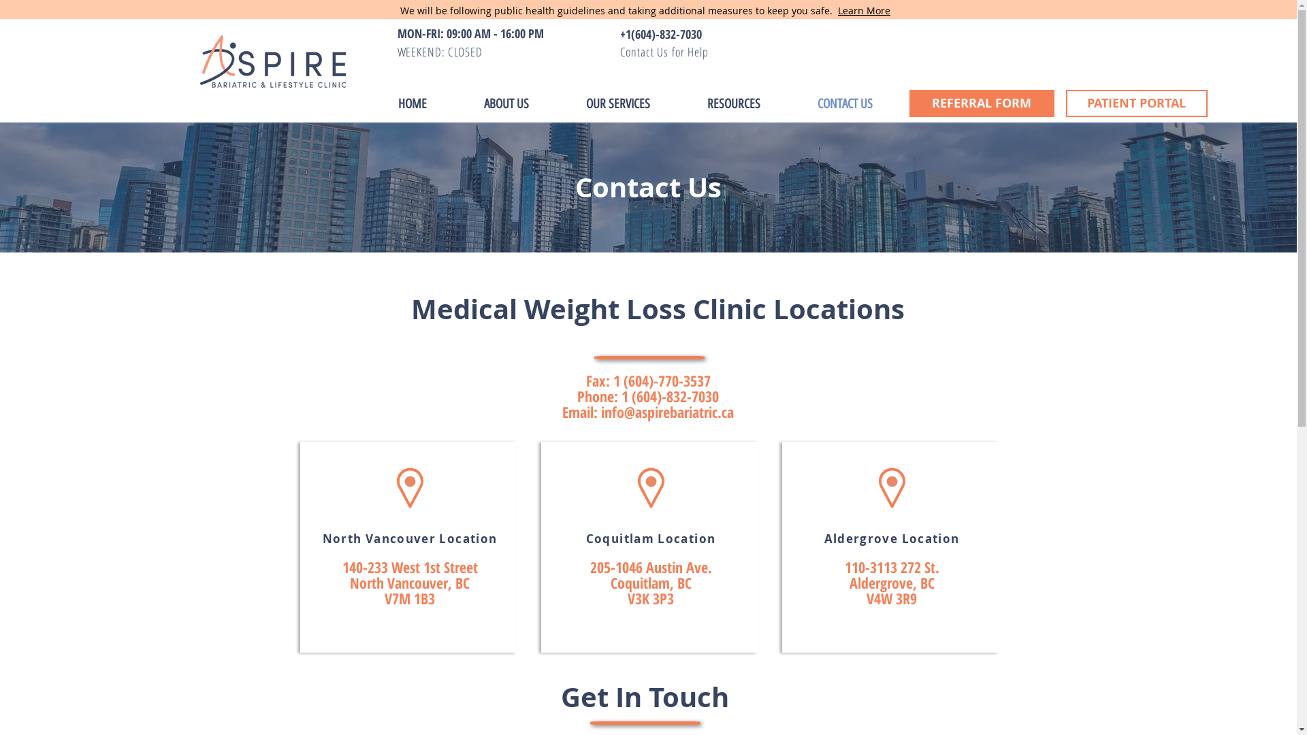  I want to click on 'CONTACT US', so click(843, 103).